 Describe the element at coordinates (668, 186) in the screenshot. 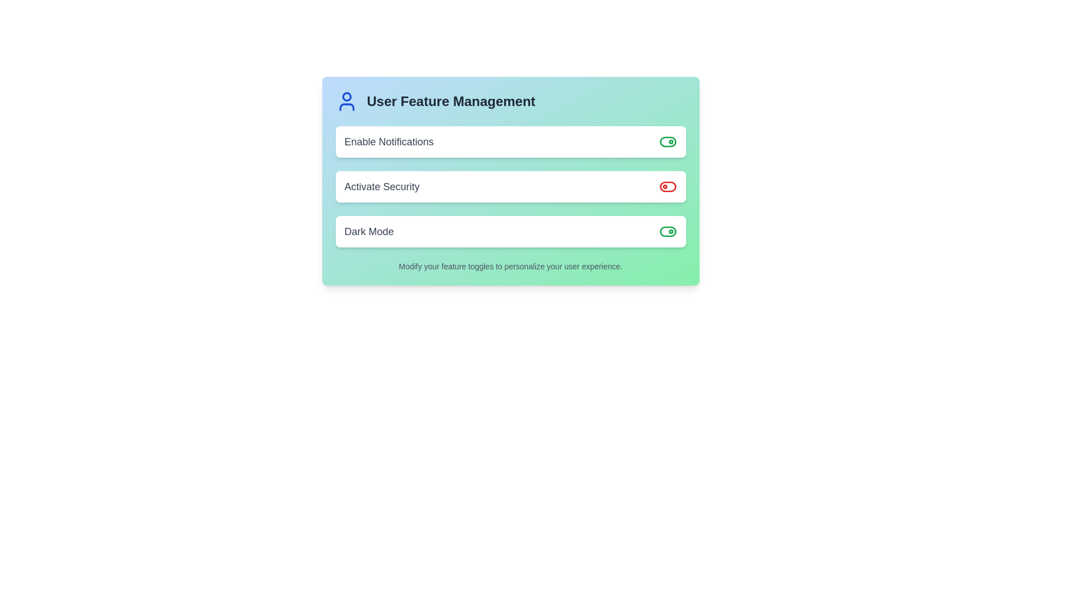

I see `the red toggle switch indicating 'Activate Security'` at that location.